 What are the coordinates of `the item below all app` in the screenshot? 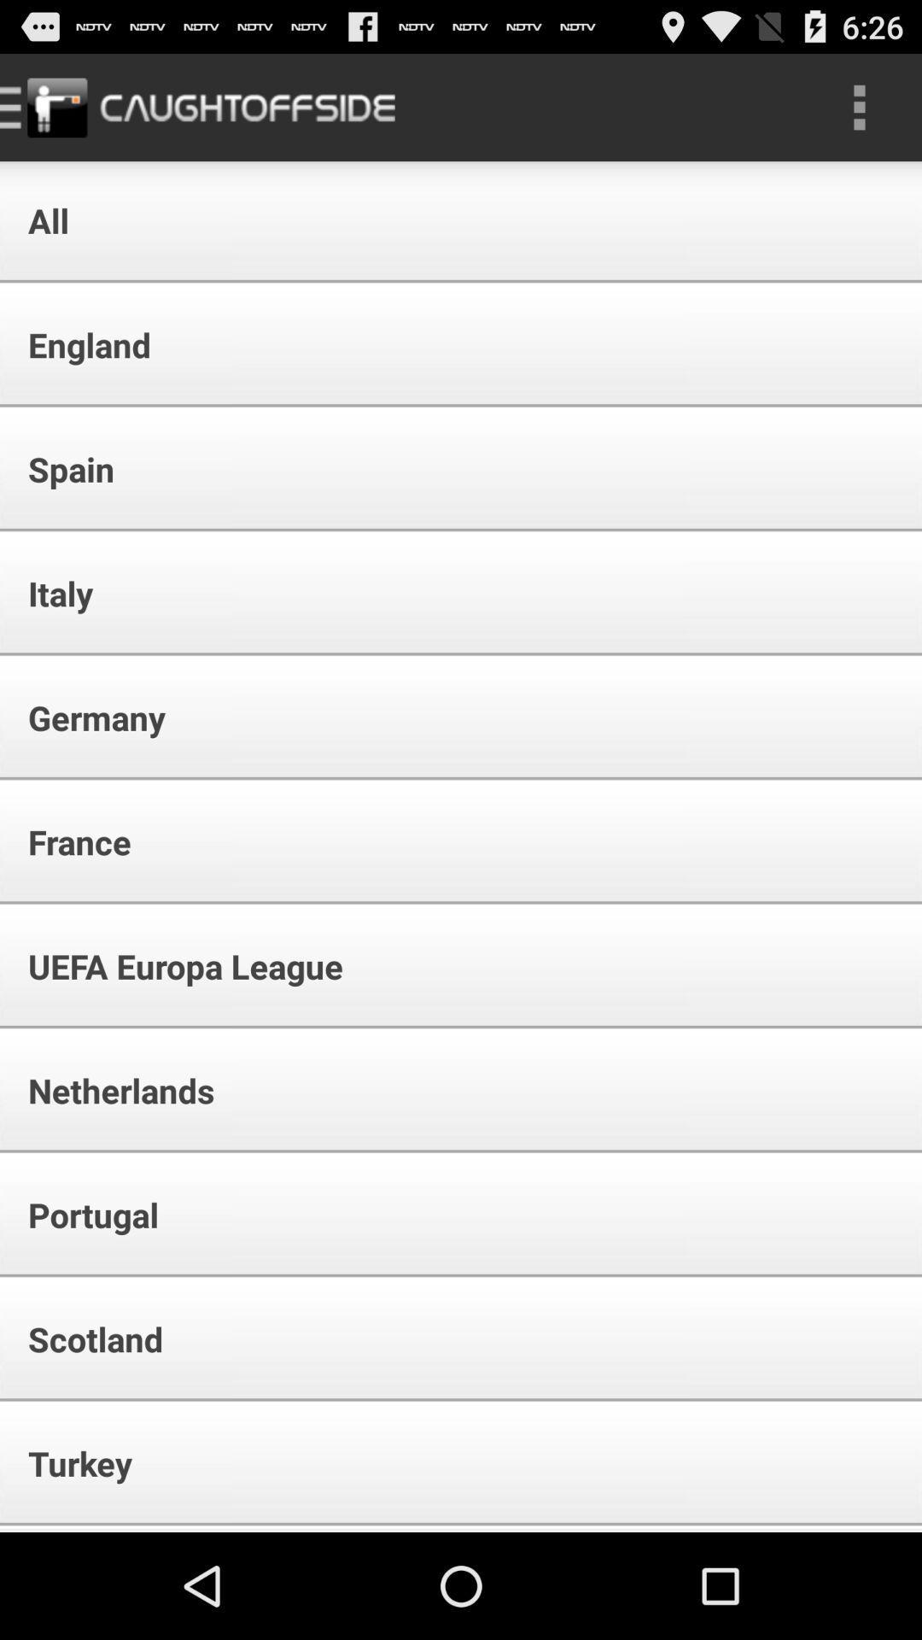 It's located at (78, 343).